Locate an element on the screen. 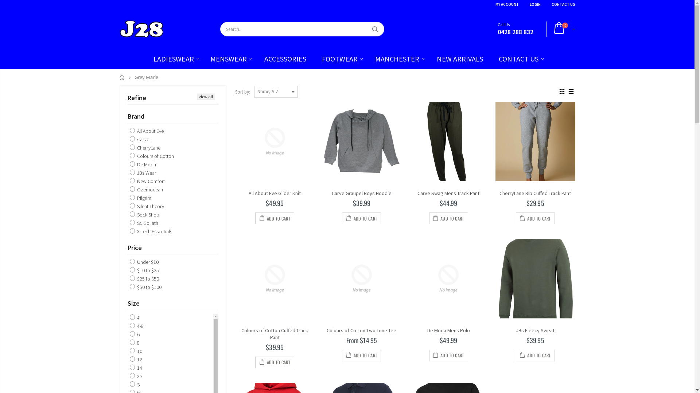  'NEW ARRIVALS' is located at coordinates (459, 59).